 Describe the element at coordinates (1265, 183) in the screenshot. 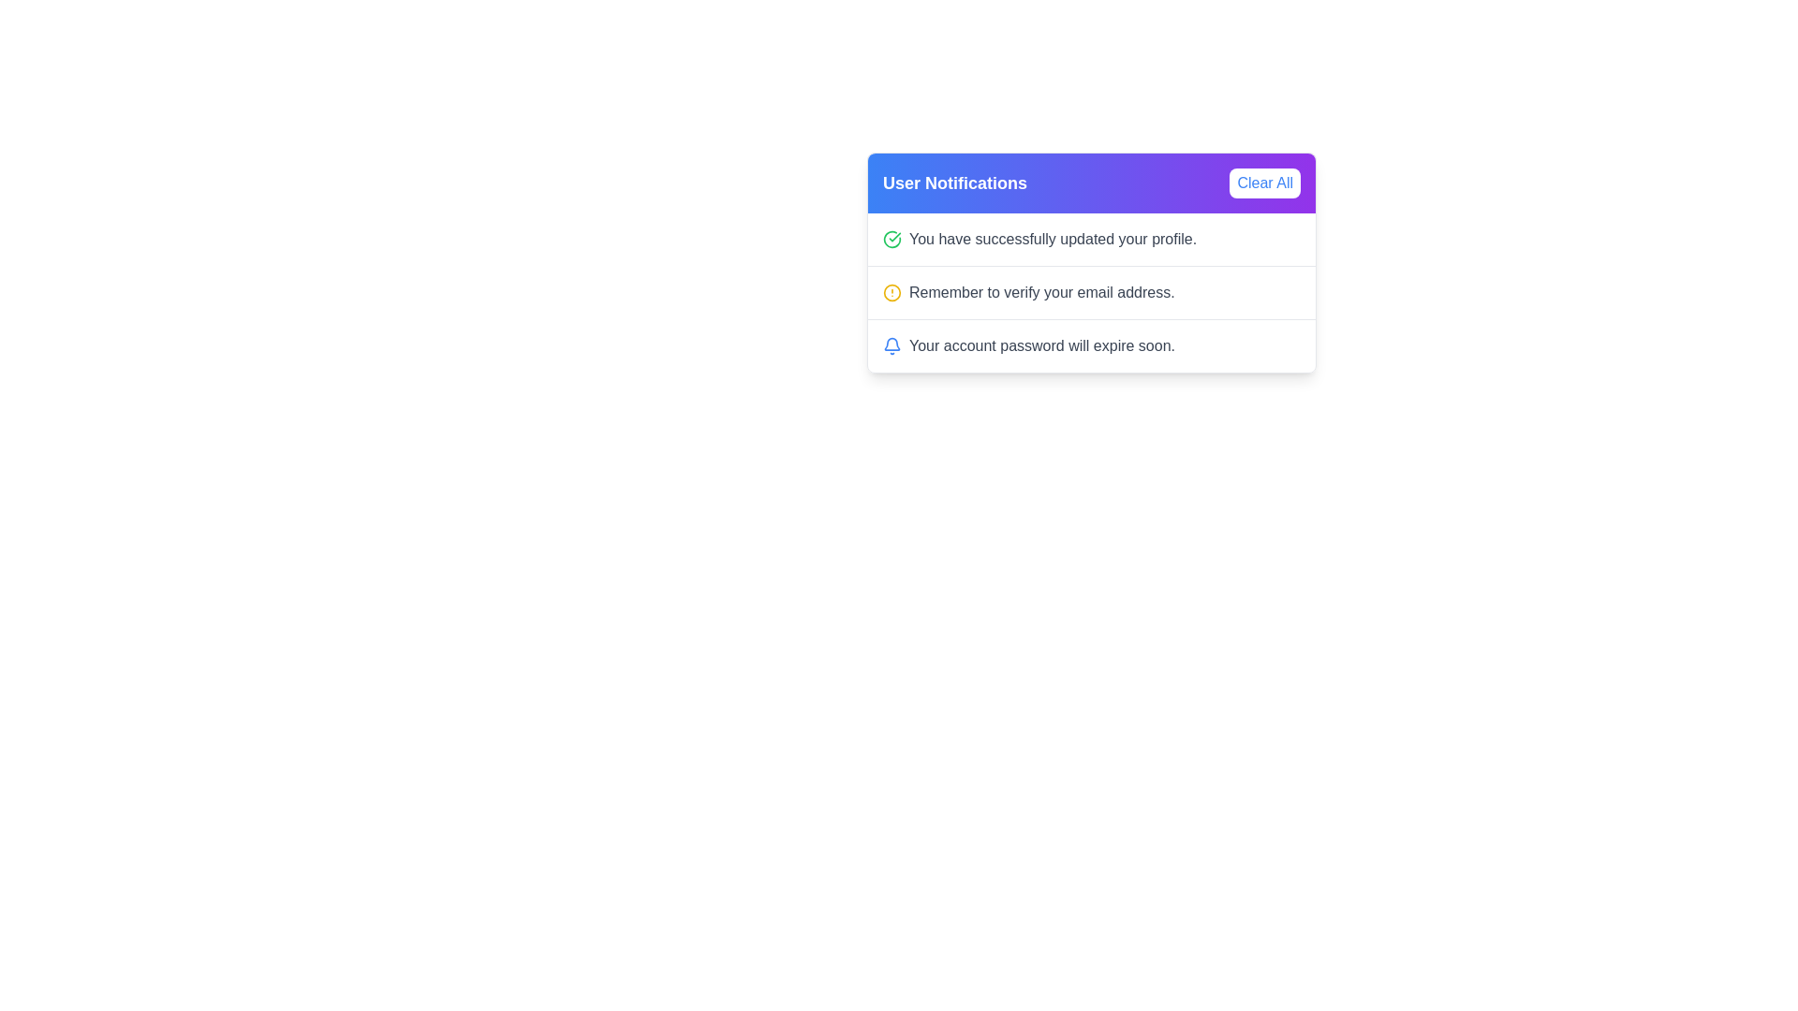

I see `the clear/reset notifications button located in the top-right corner of the 'User Notifications' section` at that location.